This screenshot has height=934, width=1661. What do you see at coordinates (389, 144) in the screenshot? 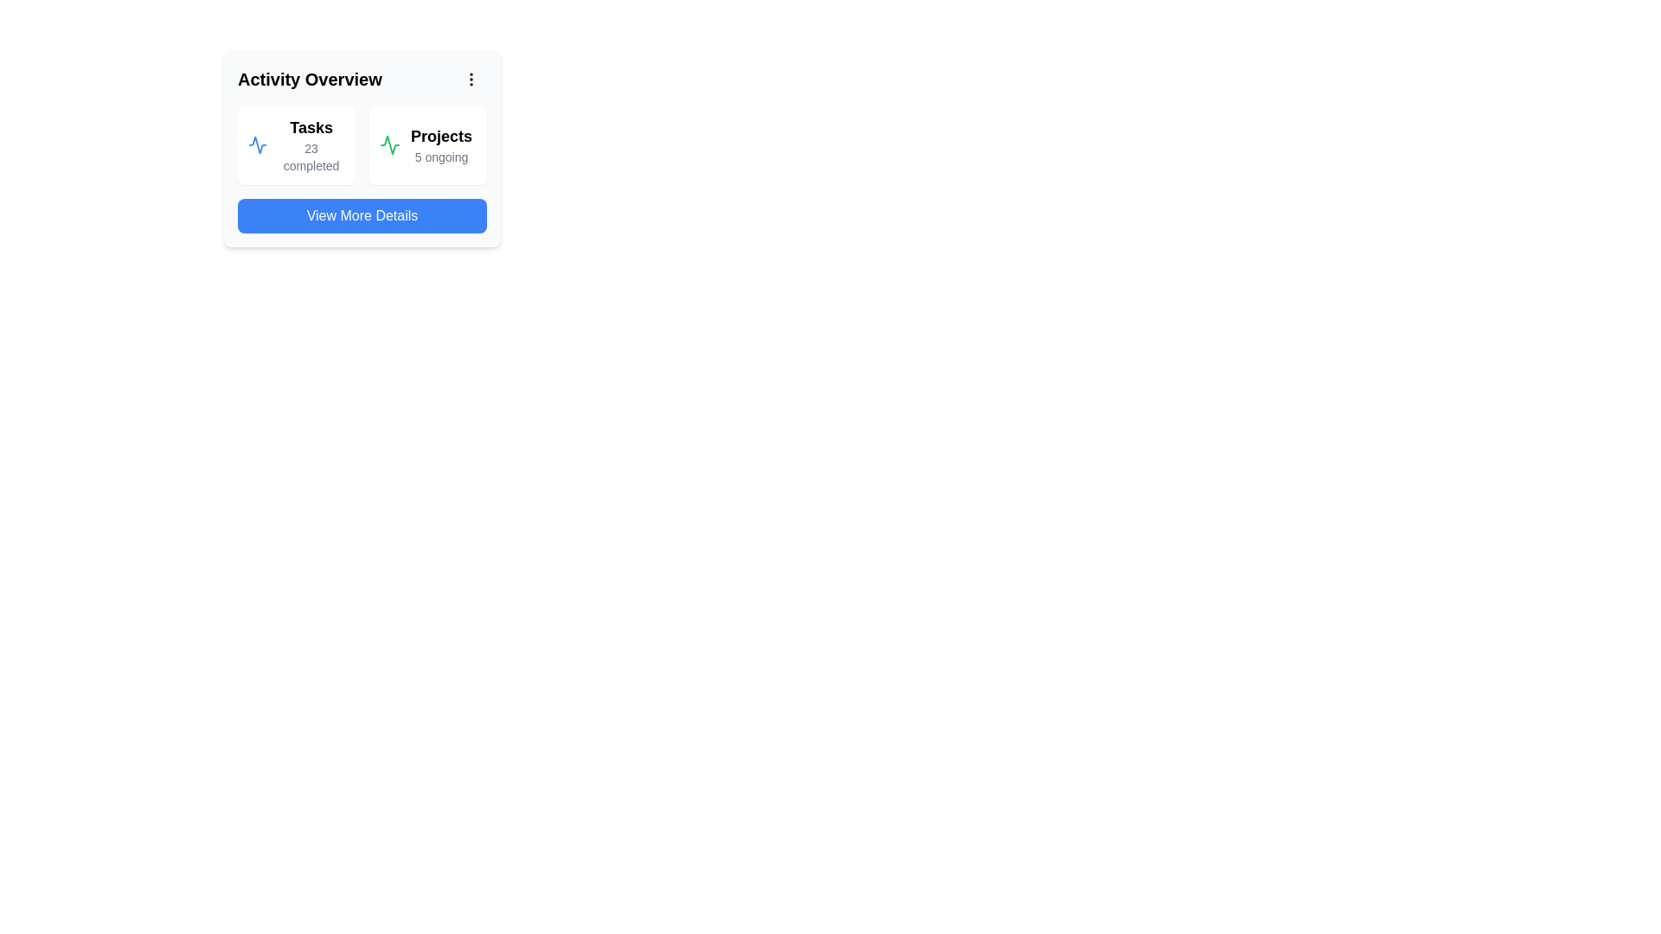
I see `the SVG icon representing activity status located in the top-left corner of the 'Projects' card in the 'Activity Overview' section` at bounding box center [389, 144].